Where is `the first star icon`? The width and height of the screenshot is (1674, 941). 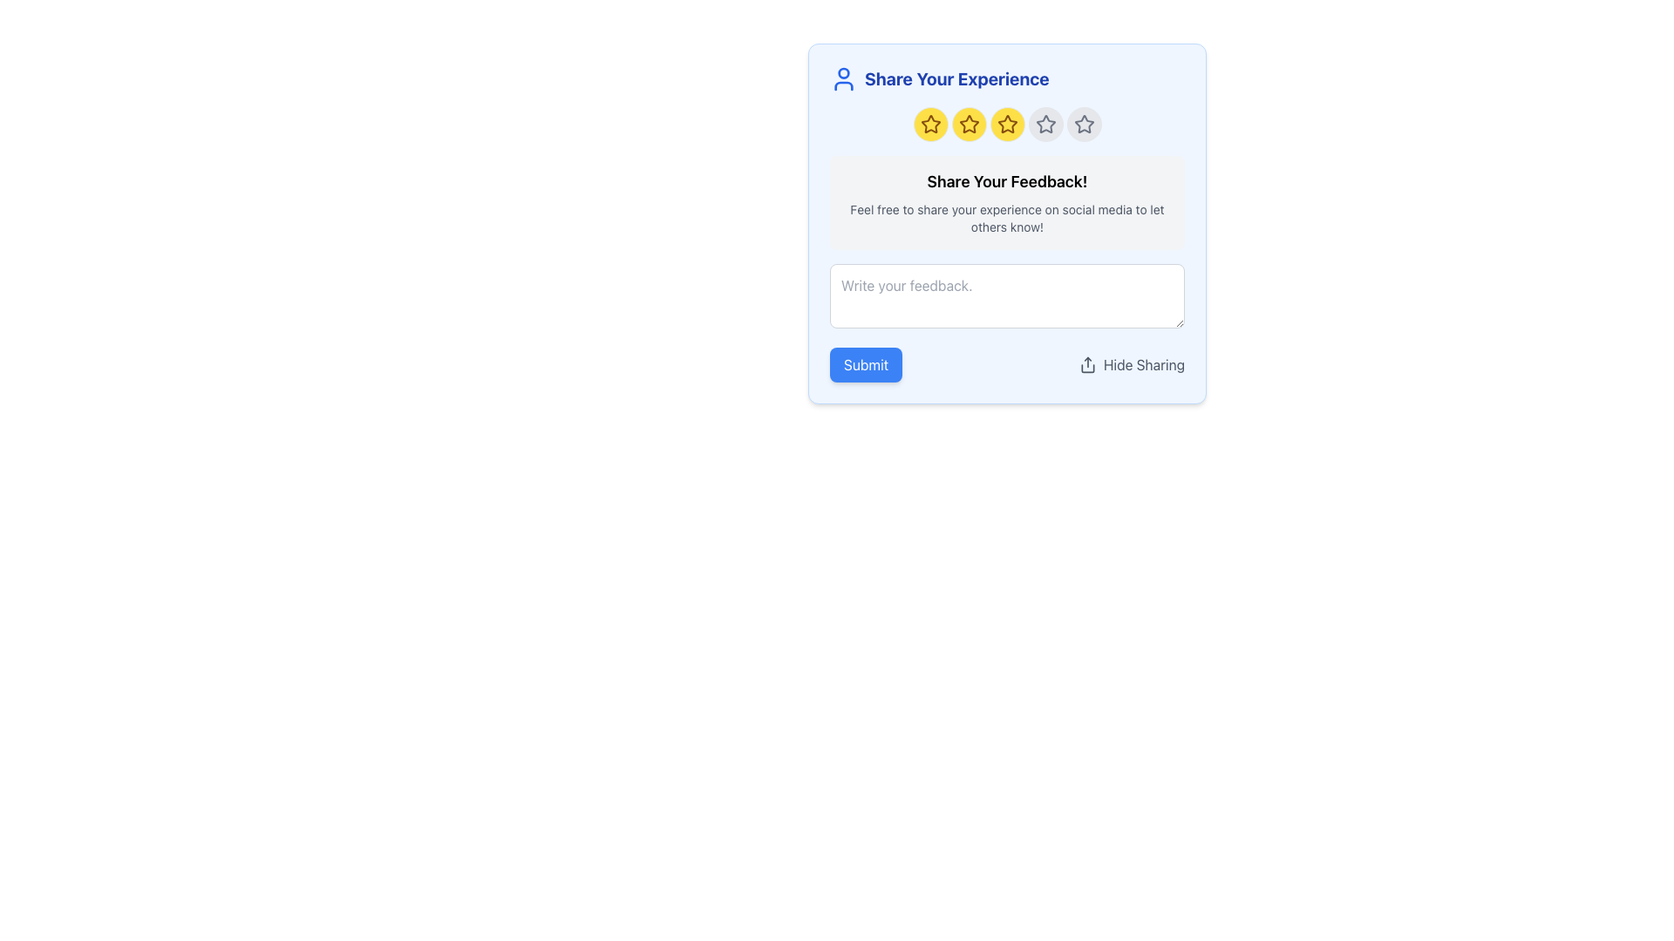
the first star icon is located at coordinates (929, 123).